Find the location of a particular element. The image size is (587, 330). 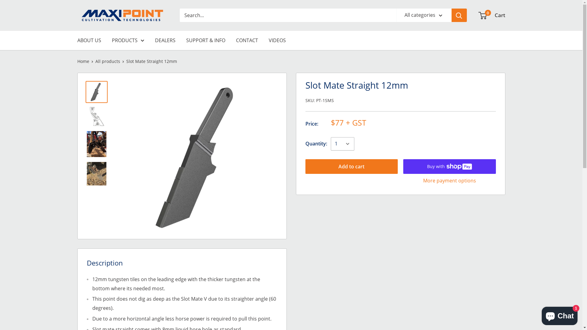

'DEALERS' is located at coordinates (154, 40).